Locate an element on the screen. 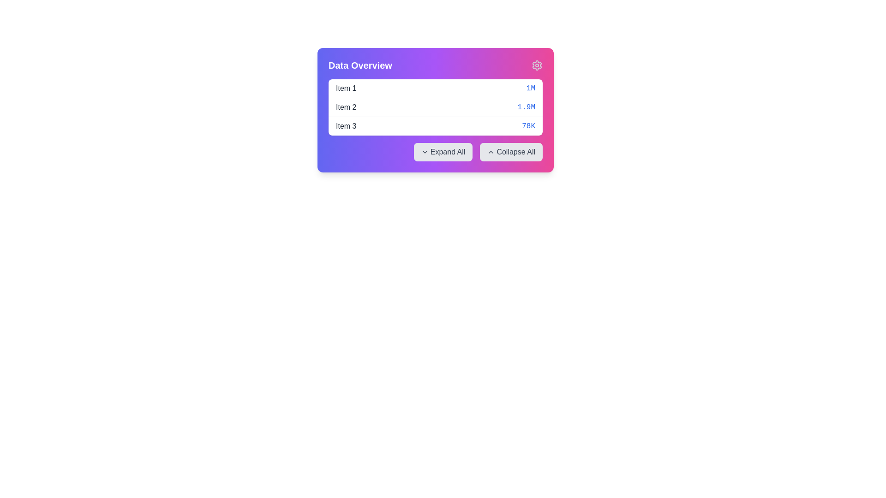  the text label displaying 'Item 3', which is part of a list in the 'Data Overview' section and positioned to the left of the '78K' element is located at coordinates (346, 126).